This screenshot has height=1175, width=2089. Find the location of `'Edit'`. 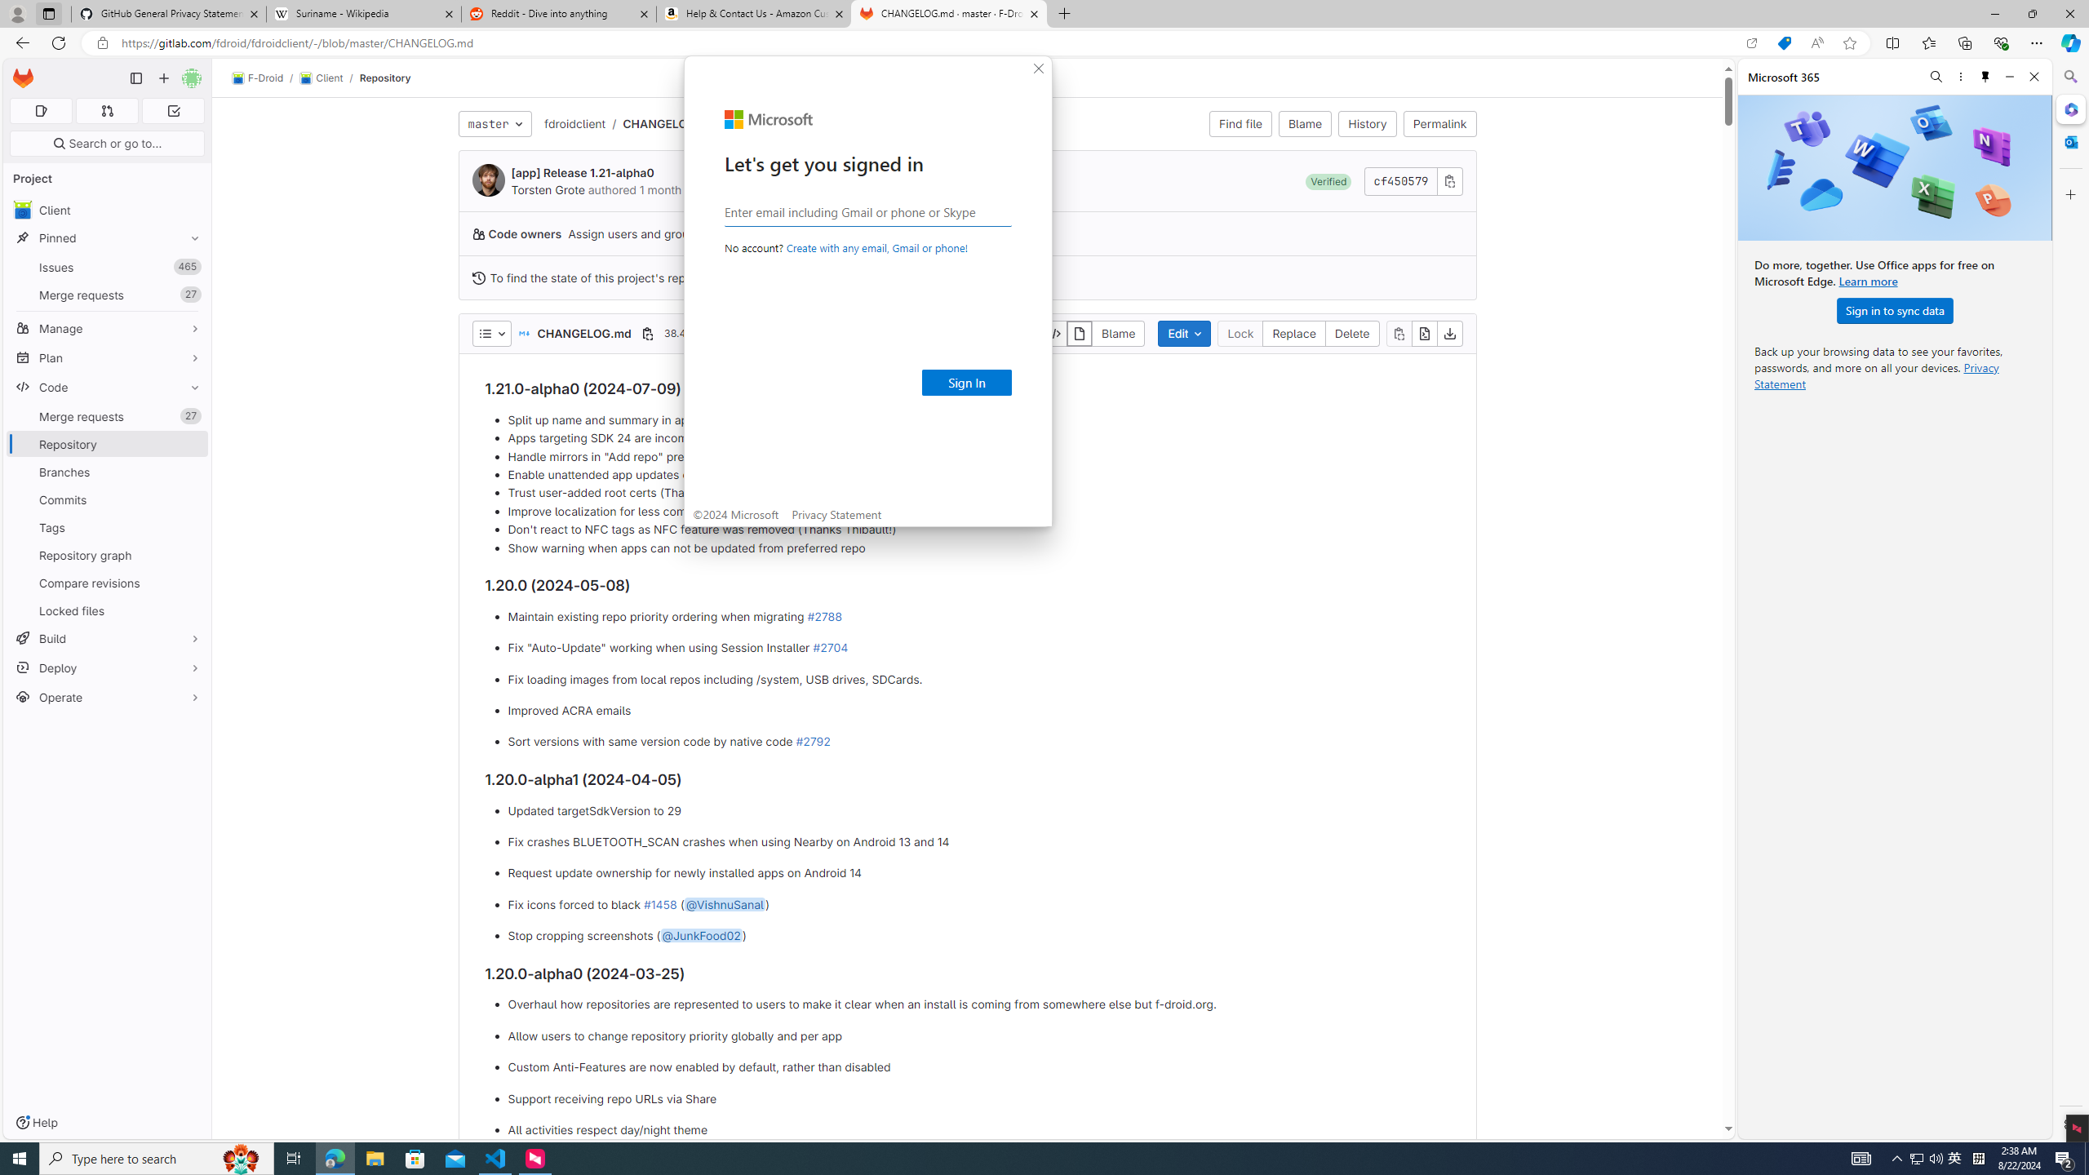

'Edit' is located at coordinates (1184, 332).